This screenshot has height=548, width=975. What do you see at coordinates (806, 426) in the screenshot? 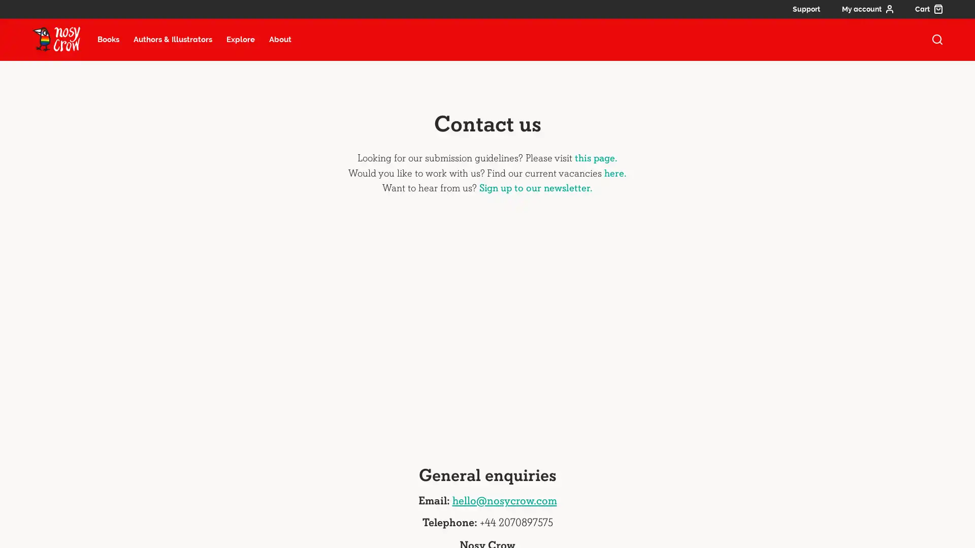
I see `Keyboard shortcuts` at bounding box center [806, 426].